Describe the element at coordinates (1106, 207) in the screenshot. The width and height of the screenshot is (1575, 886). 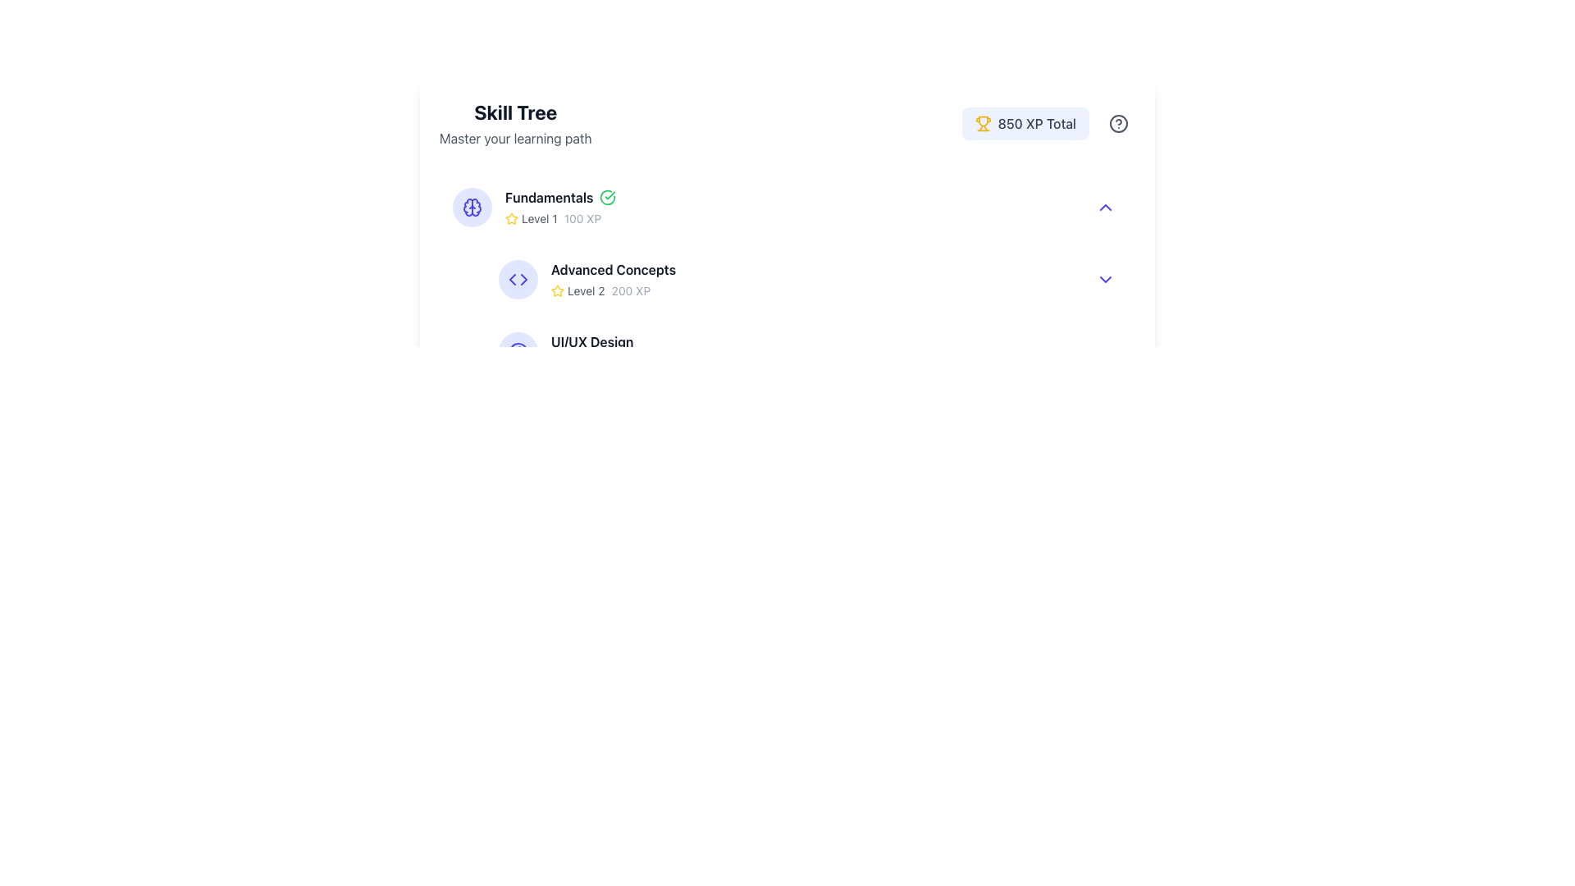
I see `the Icon Button located on the right-hand side of the row labeled 'Fundamentals Level 1 100 XP'` at that location.